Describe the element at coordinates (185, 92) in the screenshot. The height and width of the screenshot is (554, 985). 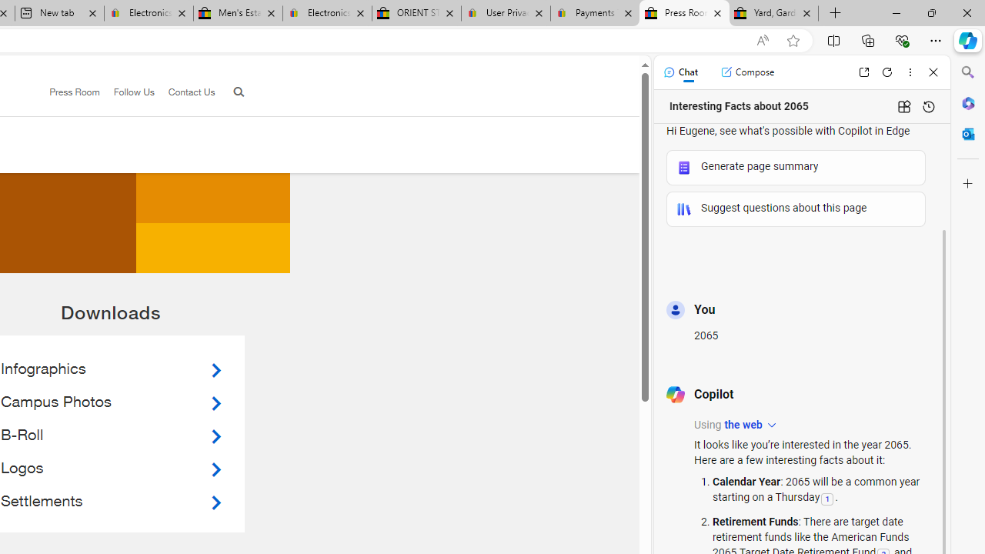
I see `'Contact Us'` at that location.